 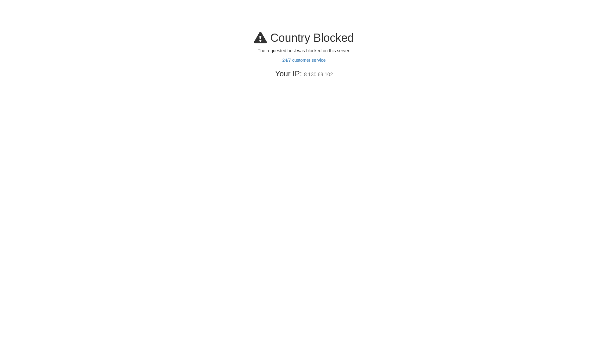 I want to click on '24/7 customer service', so click(x=282, y=60).